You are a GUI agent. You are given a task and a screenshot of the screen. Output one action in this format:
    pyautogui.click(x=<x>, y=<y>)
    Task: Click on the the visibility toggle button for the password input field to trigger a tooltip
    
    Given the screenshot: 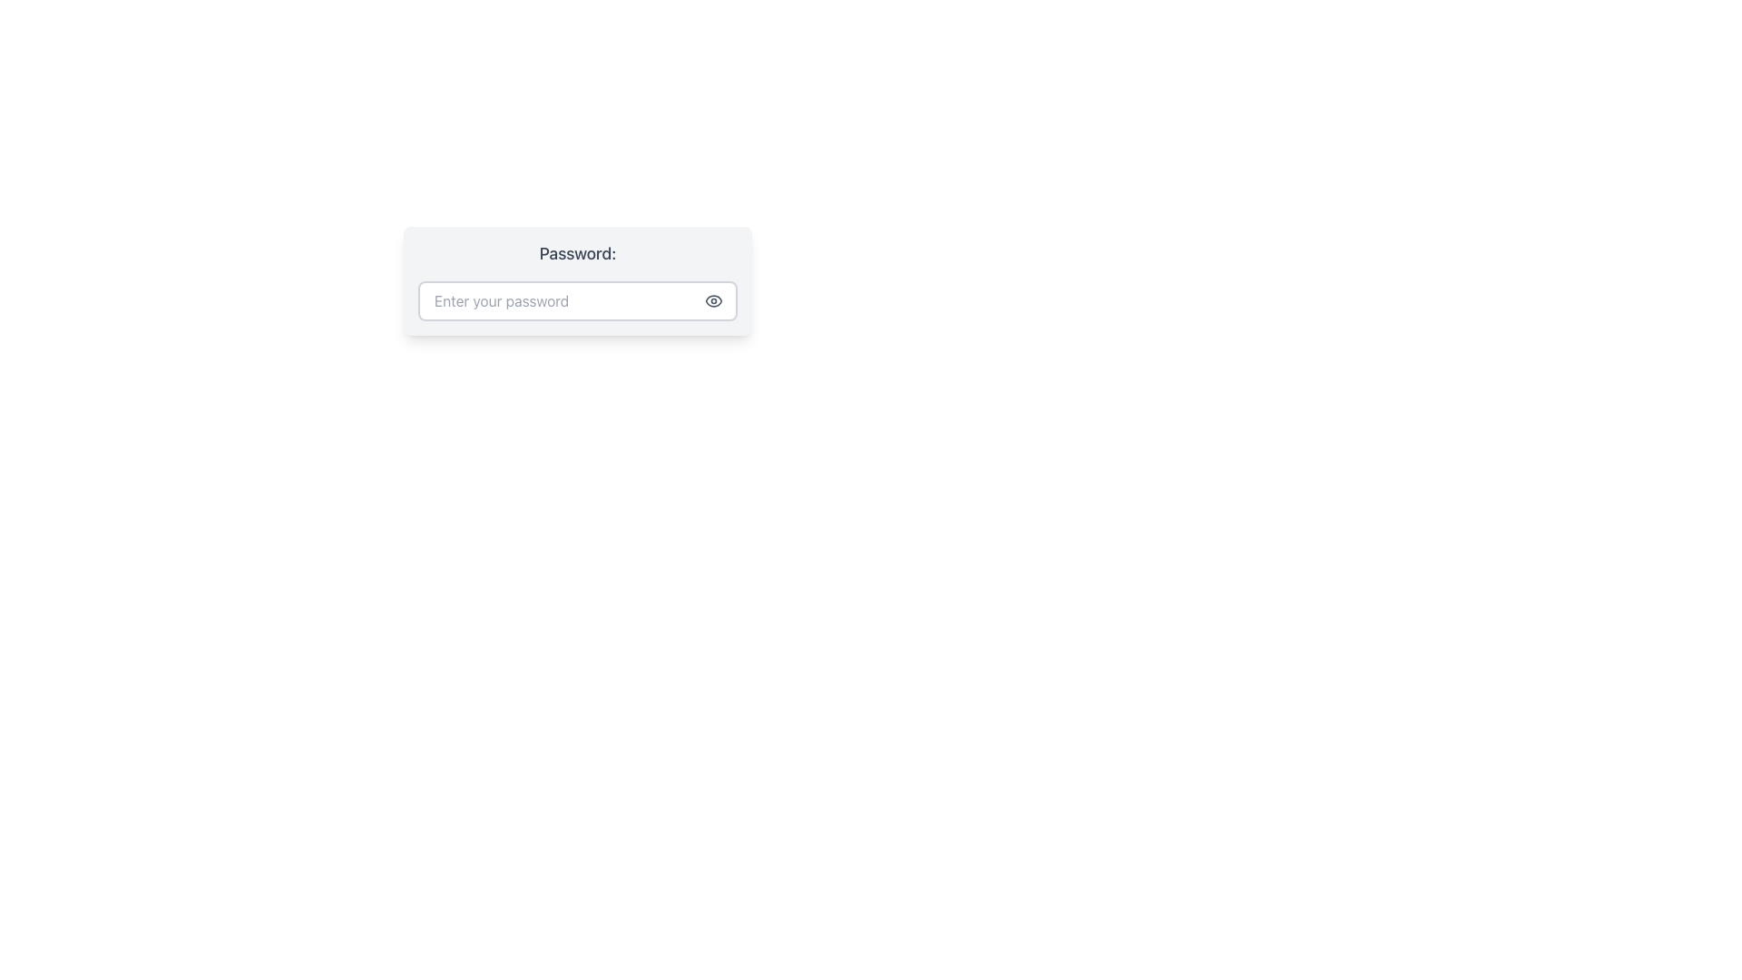 What is the action you would take?
    pyautogui.click(x=713, y=299)
    